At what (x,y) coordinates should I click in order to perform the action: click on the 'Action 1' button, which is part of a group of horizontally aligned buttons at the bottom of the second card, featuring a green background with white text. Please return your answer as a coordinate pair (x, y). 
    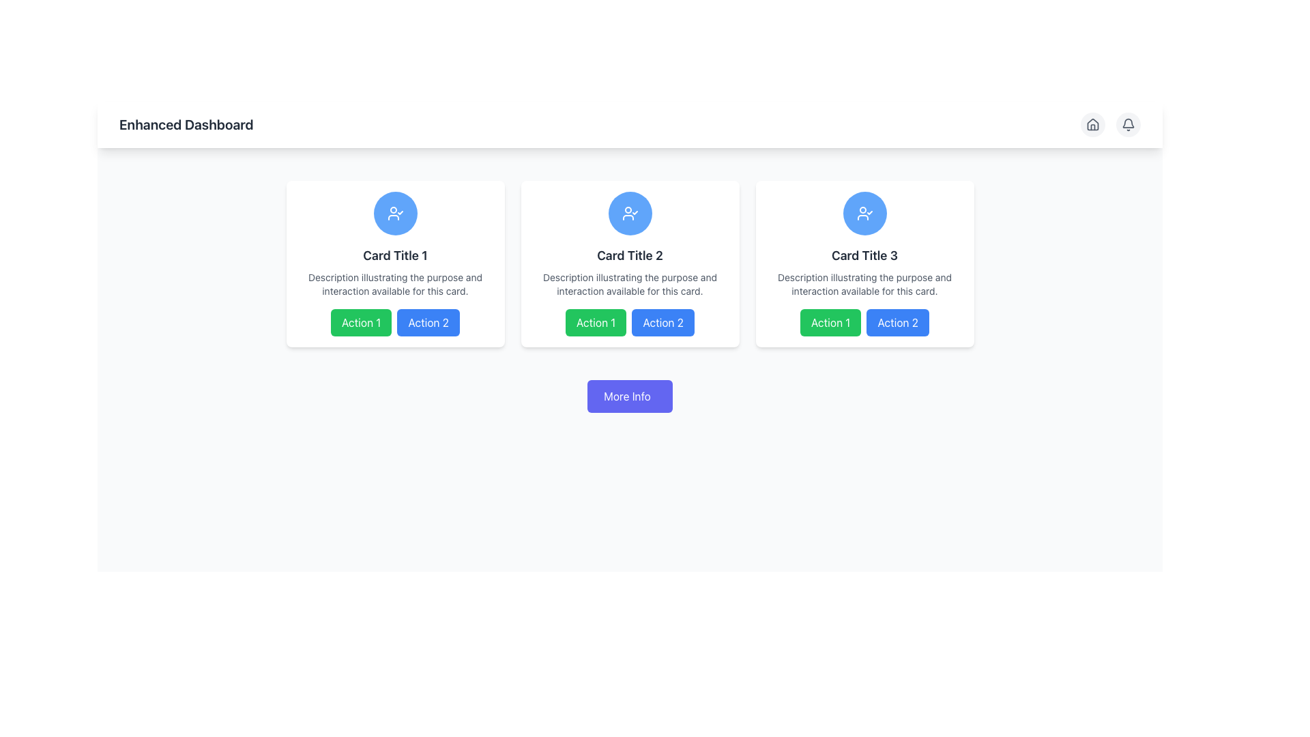
    Looking at the image, I should click on (629, 323).